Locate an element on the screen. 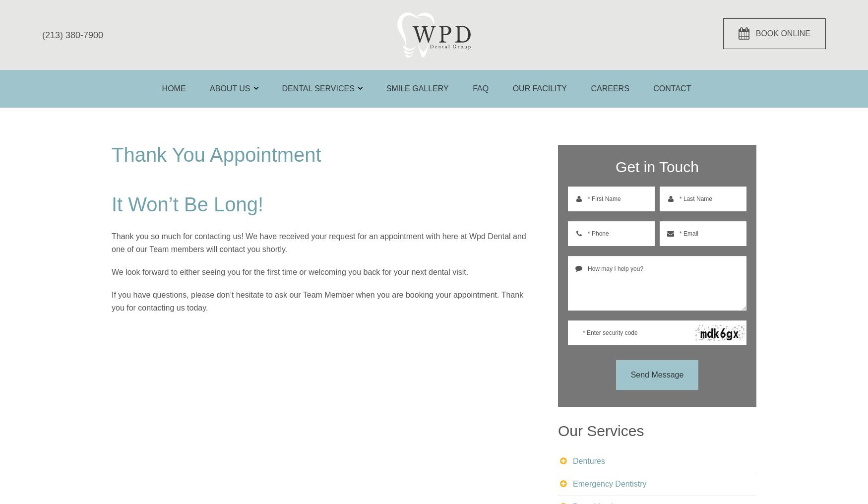 This screenshot has width=868, height=504. 'If you have questions, please don’t hesitate to ask our Team Member when you are booking your appointment. Thank you for contacting us today.' is located at coordinates (316, 301).